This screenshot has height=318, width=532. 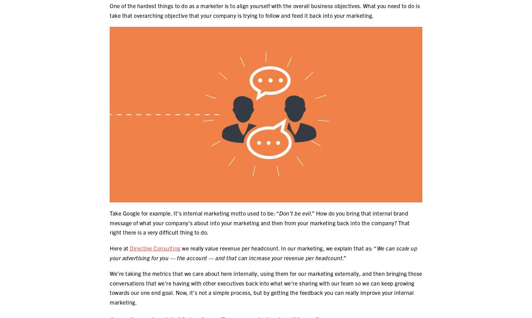 I want to click on 'Don’t be evil', so click(x=295, y=213).